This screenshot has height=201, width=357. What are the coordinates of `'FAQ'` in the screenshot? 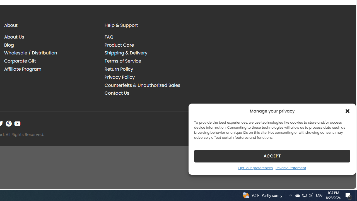 It's located at (151, 37).